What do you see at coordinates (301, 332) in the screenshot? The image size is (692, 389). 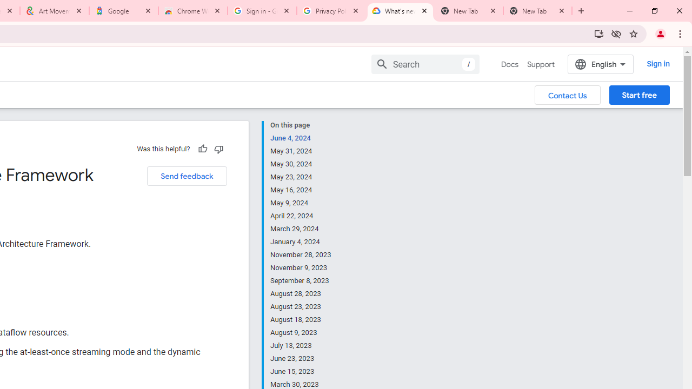 I see `'August 9, 2023'` at bounding box center [301, 332].